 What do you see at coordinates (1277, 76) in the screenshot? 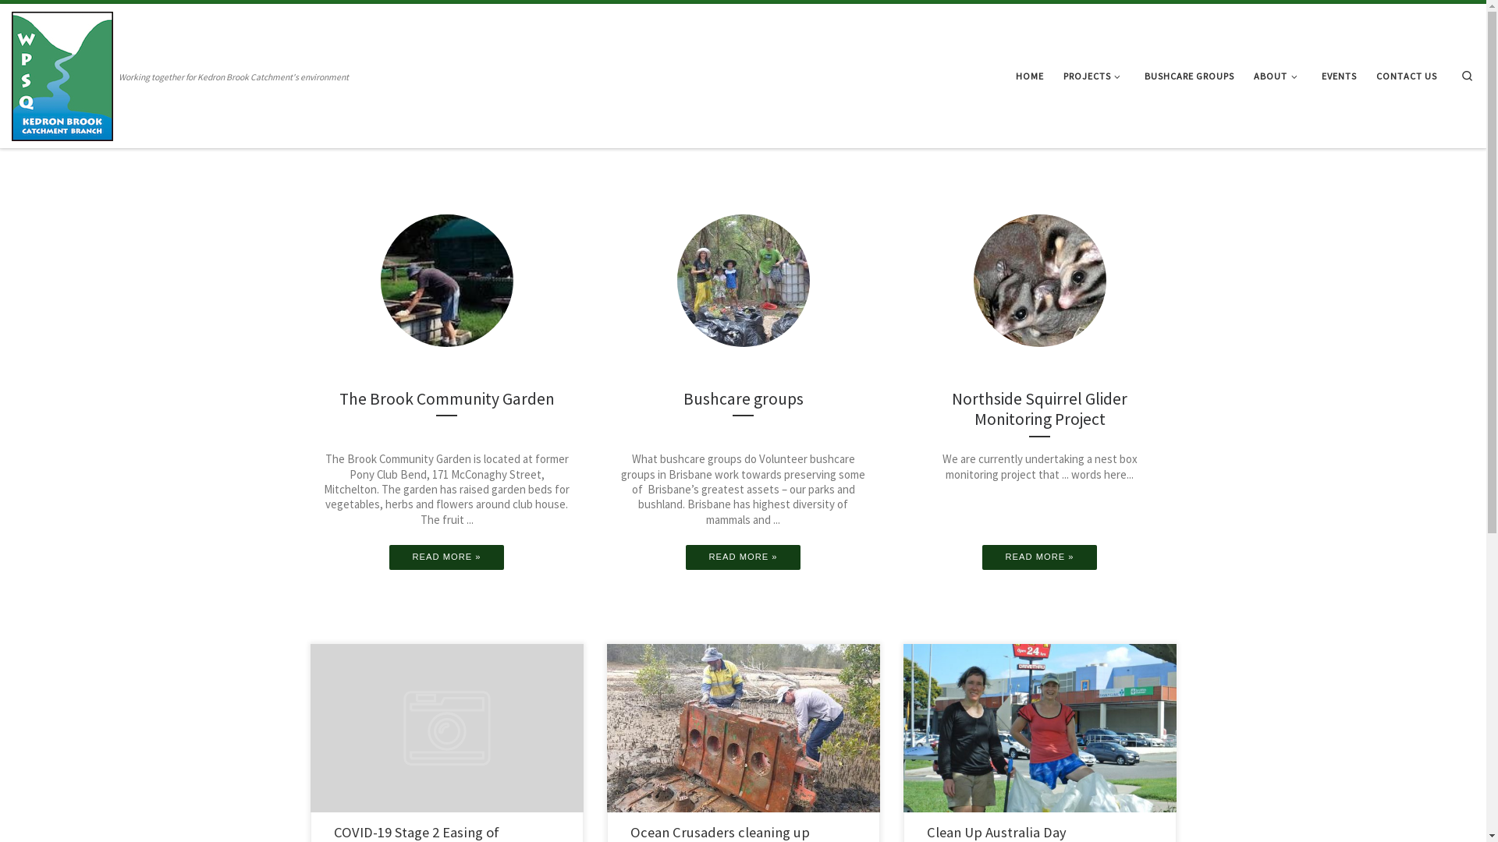
I see `'ABOUT'` at bounding box center [1277, 76].